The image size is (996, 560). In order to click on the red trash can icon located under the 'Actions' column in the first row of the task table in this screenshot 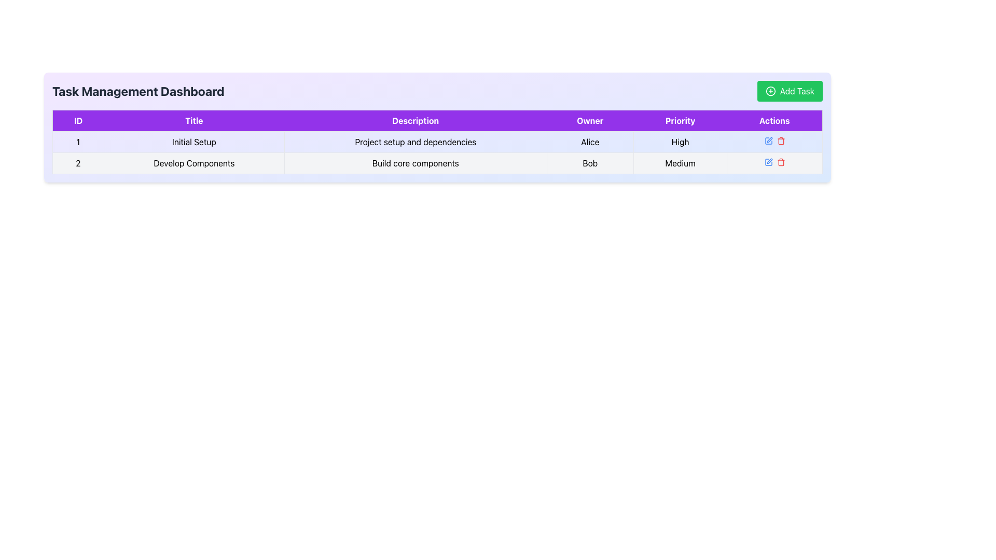, I will do `click(781, 141)`.